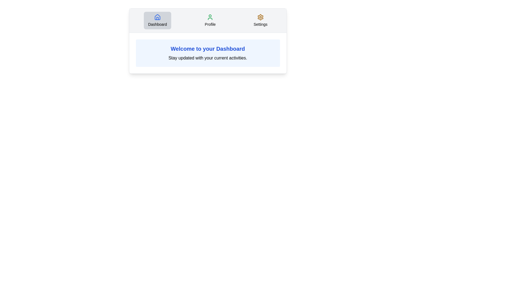 This screenshot has width=526, height=296. What do you see at coordinates (157, 20) in the screenshot?
I see `the tab labeled Dashboard` at bounding box center [157, 20].